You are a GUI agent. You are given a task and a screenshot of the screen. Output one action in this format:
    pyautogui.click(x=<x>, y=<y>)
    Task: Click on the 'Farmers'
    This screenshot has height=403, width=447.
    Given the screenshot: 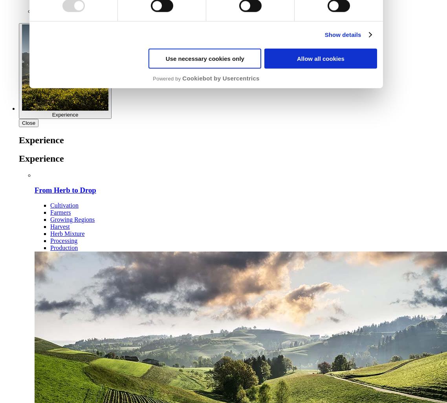 What is the action you would take?
    pyautogui.click(x=50, y=212)
    